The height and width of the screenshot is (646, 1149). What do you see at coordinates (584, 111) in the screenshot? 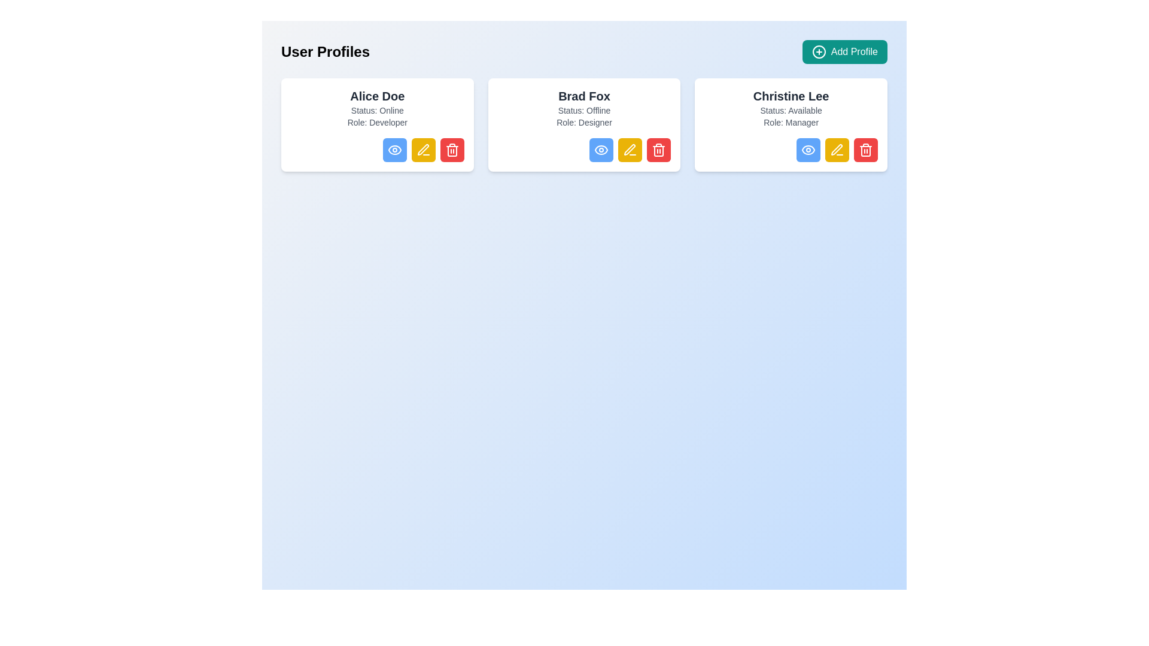
I see `the text label displaying 'Status: Offline' located in the second user profile card for 'Brad Fox', positioned between the user's name and their role` at bounding box center [584, 111].